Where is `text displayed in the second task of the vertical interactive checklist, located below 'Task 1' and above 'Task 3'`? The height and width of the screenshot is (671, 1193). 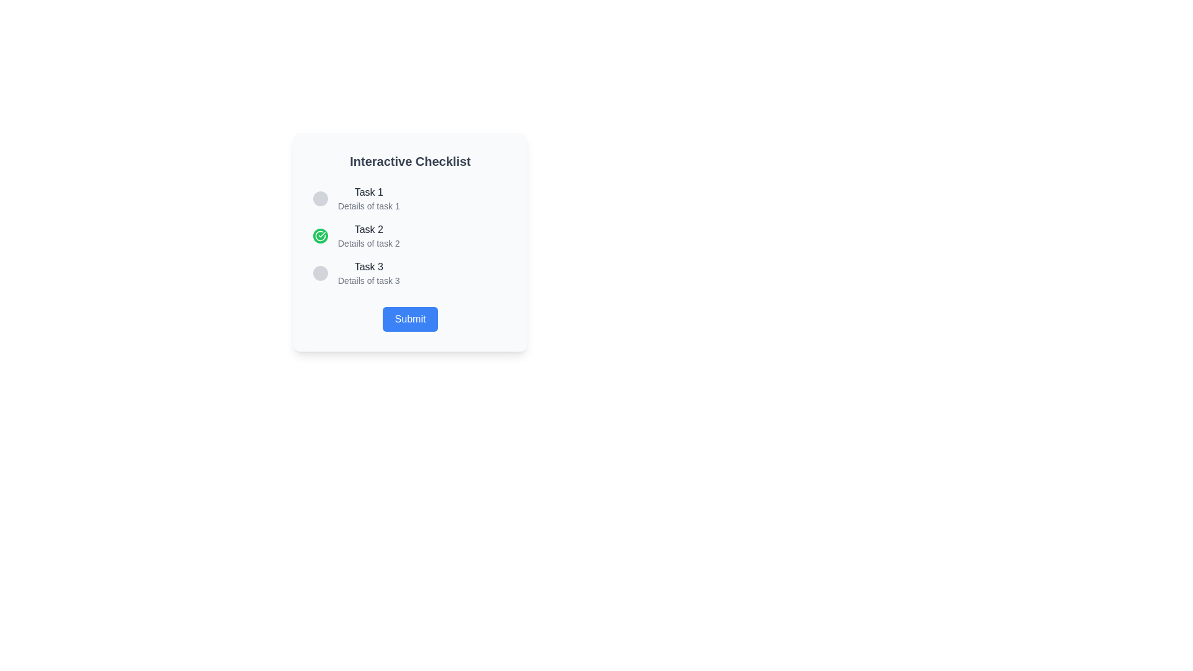
text displayed in the second task of the vertical interactive checklist, located below 'Task 1' and above 'Task 3' is located at coordinates (368, 236).